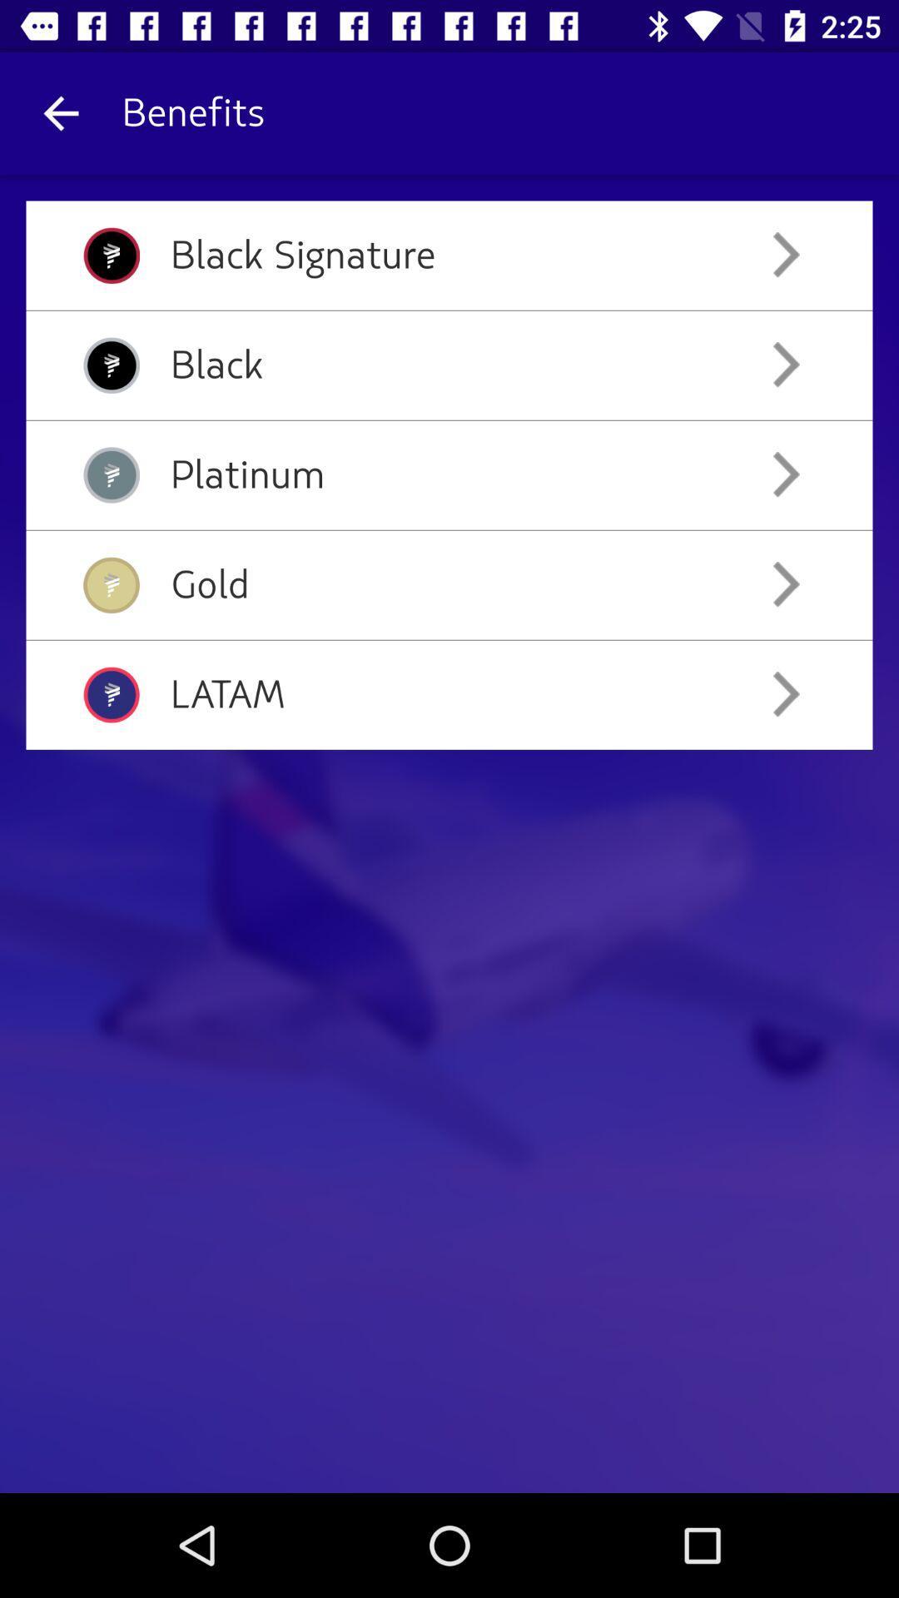 This screenshot has height=1598, width=899. Describe the element at coordinates (60, 112) in the screenshot. I see `the icon next to benefits item` at that location.